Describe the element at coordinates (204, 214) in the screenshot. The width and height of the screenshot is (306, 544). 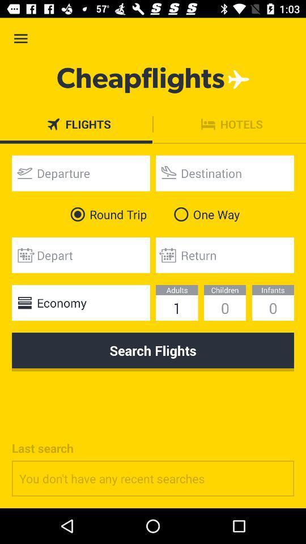
I see `the one way icon` at that location.